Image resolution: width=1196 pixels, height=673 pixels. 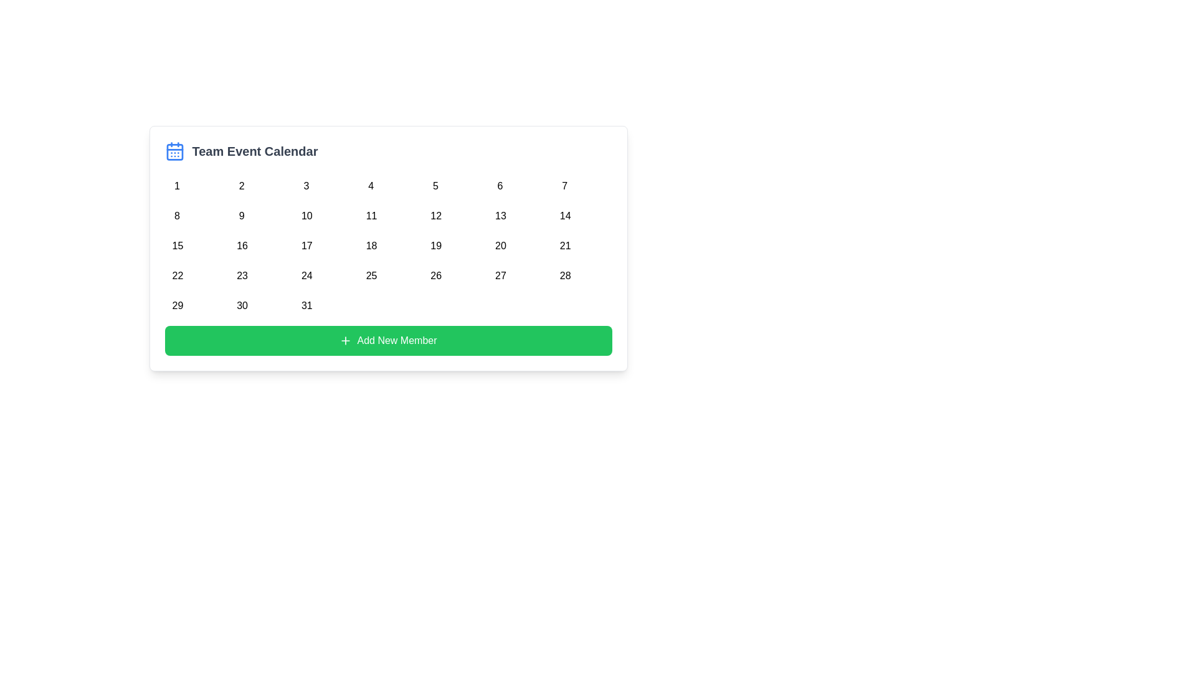 I want to click on the day selection button for the 13th day of the month in the 'Team Event Calendar' card, so click(x=500, y=213).